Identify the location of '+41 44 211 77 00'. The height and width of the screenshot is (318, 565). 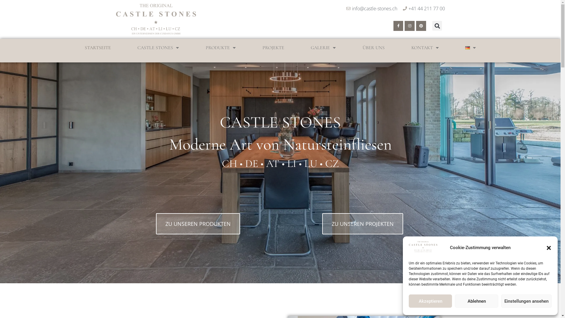
(423, 9).